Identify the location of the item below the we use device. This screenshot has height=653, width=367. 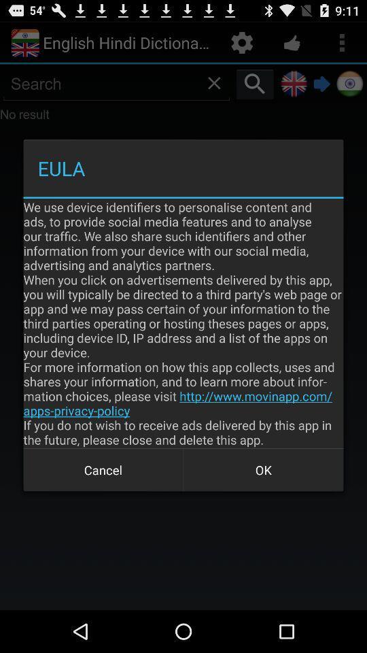
(263, 470).